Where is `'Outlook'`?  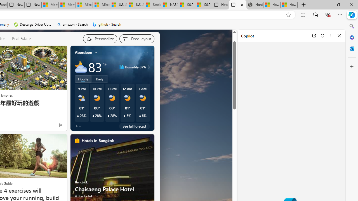 'Outlook' is located at coordinates (352, 48).